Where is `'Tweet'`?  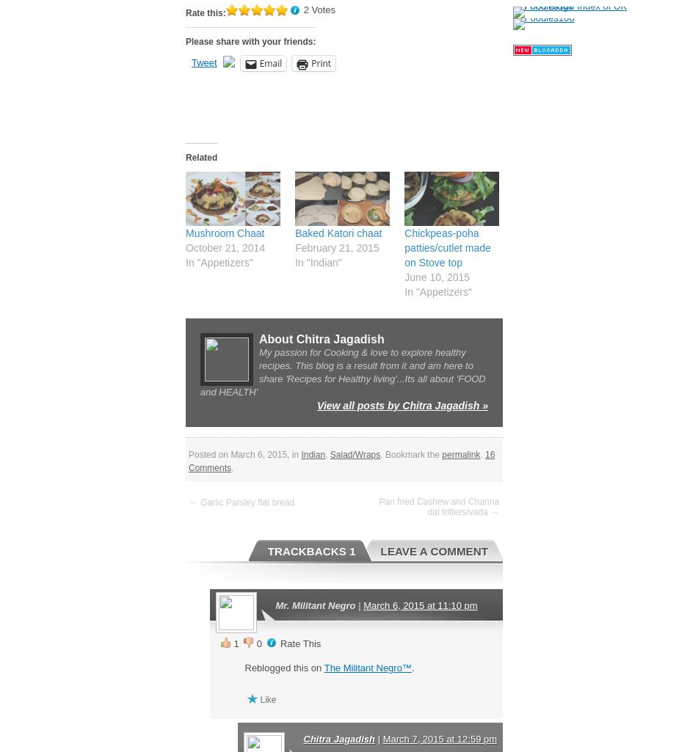 'Tweet' is located at coordinates (192, 62).